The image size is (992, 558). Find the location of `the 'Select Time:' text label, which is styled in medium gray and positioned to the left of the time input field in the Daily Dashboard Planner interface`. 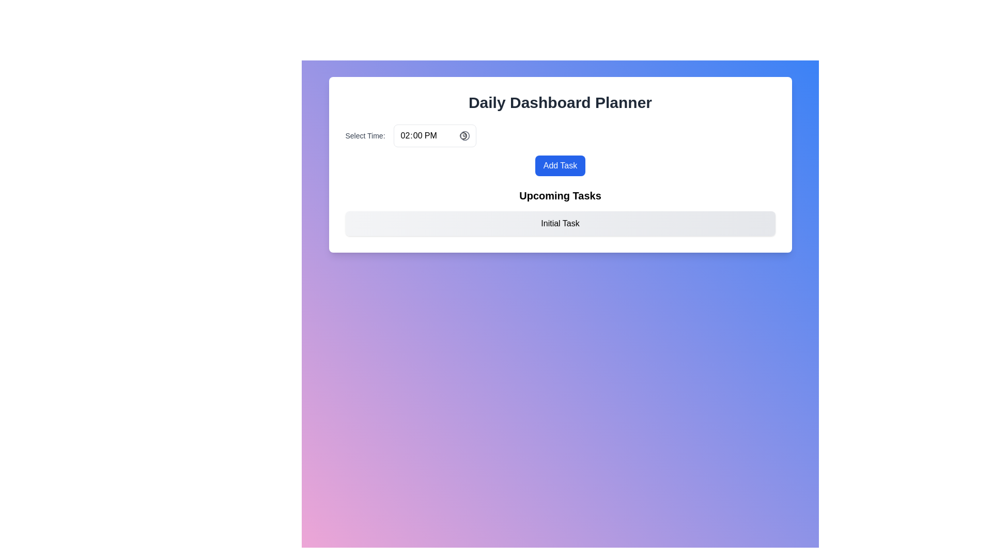

the 'Select Time:' text label, which is styled in medium gray and positioned to the left of the time input field in the Daily Dashboard Planner interface is located at coordinates (365, 135).